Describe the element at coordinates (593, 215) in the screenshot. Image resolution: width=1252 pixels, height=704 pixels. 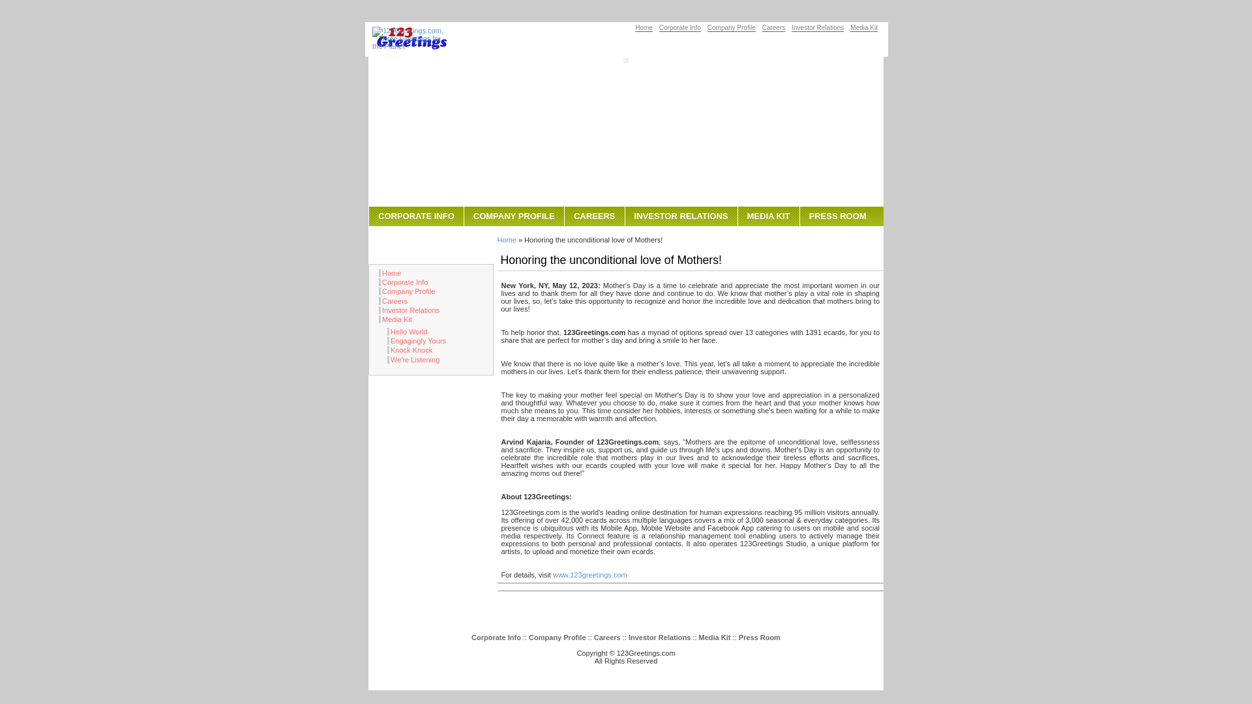
I see `'CAREERS'` at that location.